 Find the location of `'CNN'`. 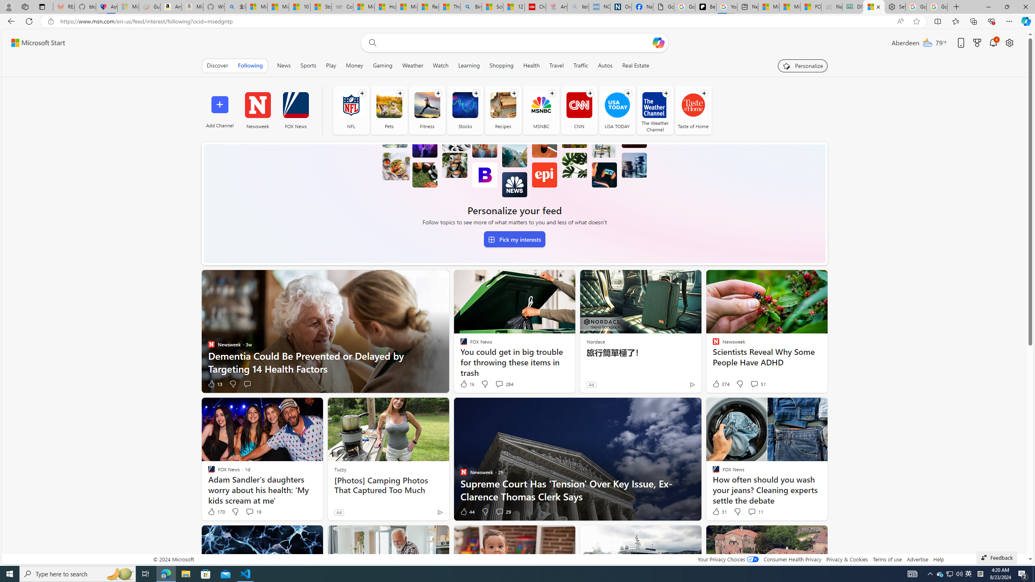

'CNN' is located at coordinates (579, 110).